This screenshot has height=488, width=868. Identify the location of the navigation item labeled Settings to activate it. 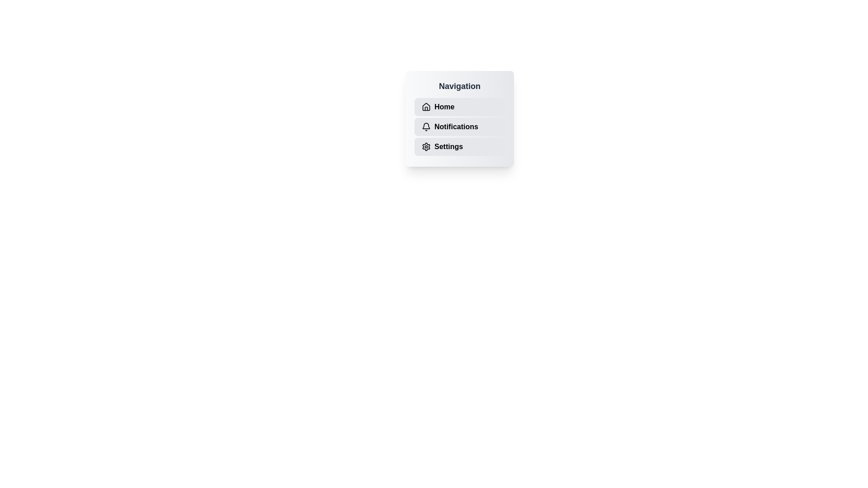
(460, 146).